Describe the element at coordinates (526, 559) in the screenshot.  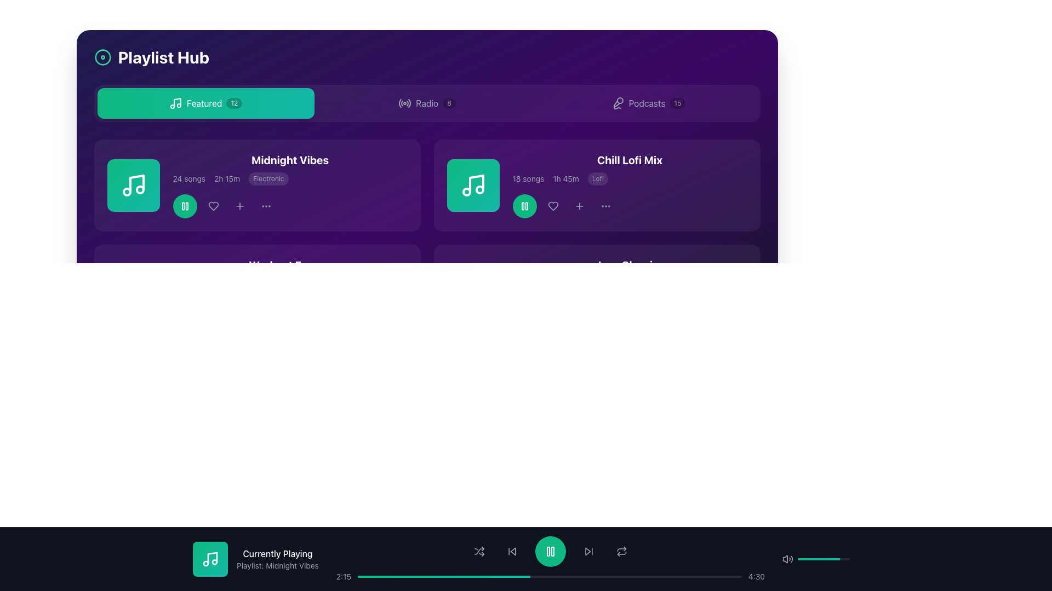
I see `the Media Control Bar located at the bottom of the interface` at that location.